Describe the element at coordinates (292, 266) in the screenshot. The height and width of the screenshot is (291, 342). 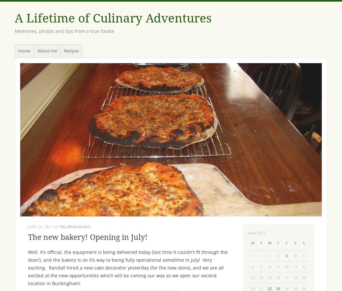
I see `'11'` at that location.